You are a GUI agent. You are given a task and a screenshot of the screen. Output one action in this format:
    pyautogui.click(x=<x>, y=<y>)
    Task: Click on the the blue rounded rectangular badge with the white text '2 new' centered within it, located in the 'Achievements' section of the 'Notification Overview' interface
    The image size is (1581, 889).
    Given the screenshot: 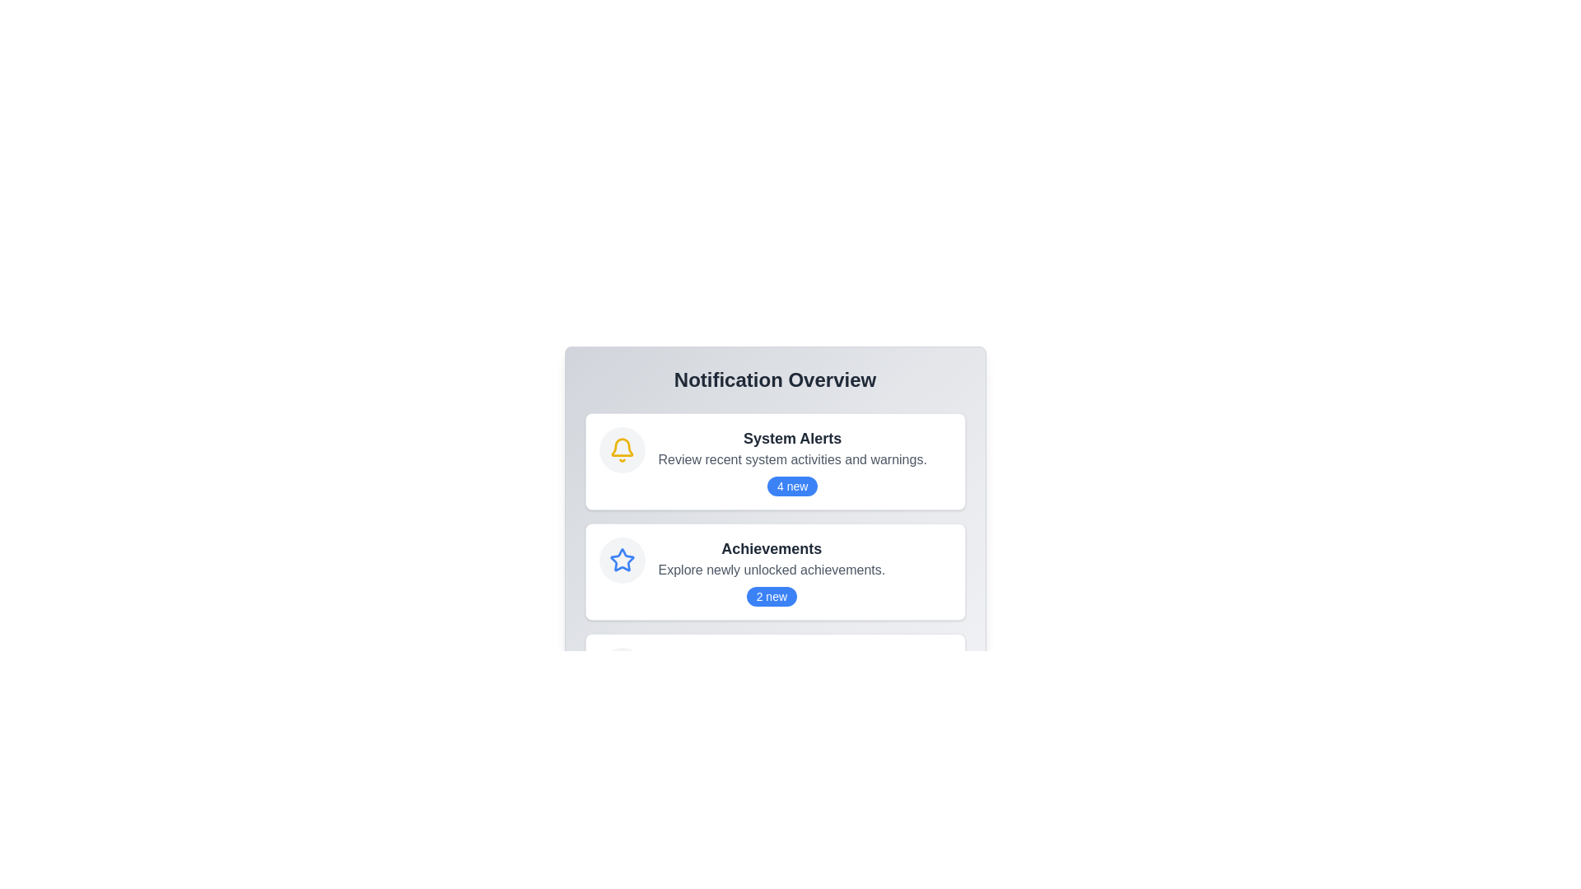 What is the action you would take?
    pyautogui.click(x=771, y=597)
    